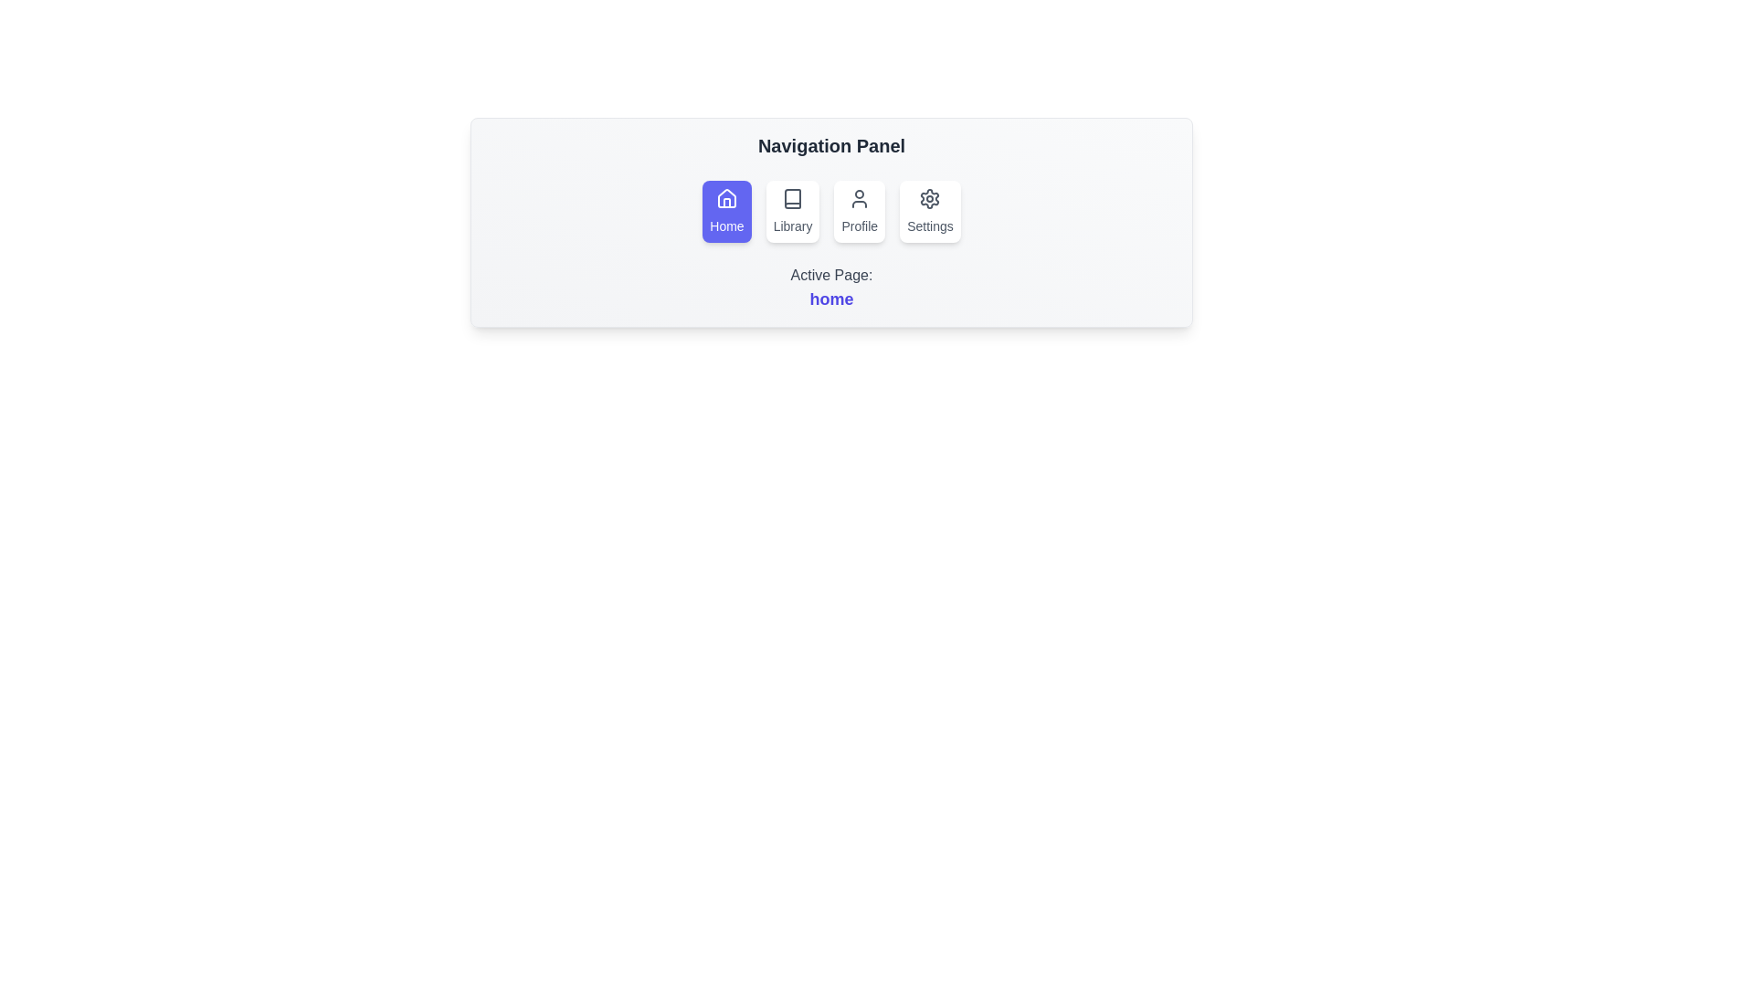  Describe the element at coordinates (793, 199) in the screenshot. I see `the Library icon in the navigation panel, which visually represents the Library functionality and is located above the Library label text` at that location.